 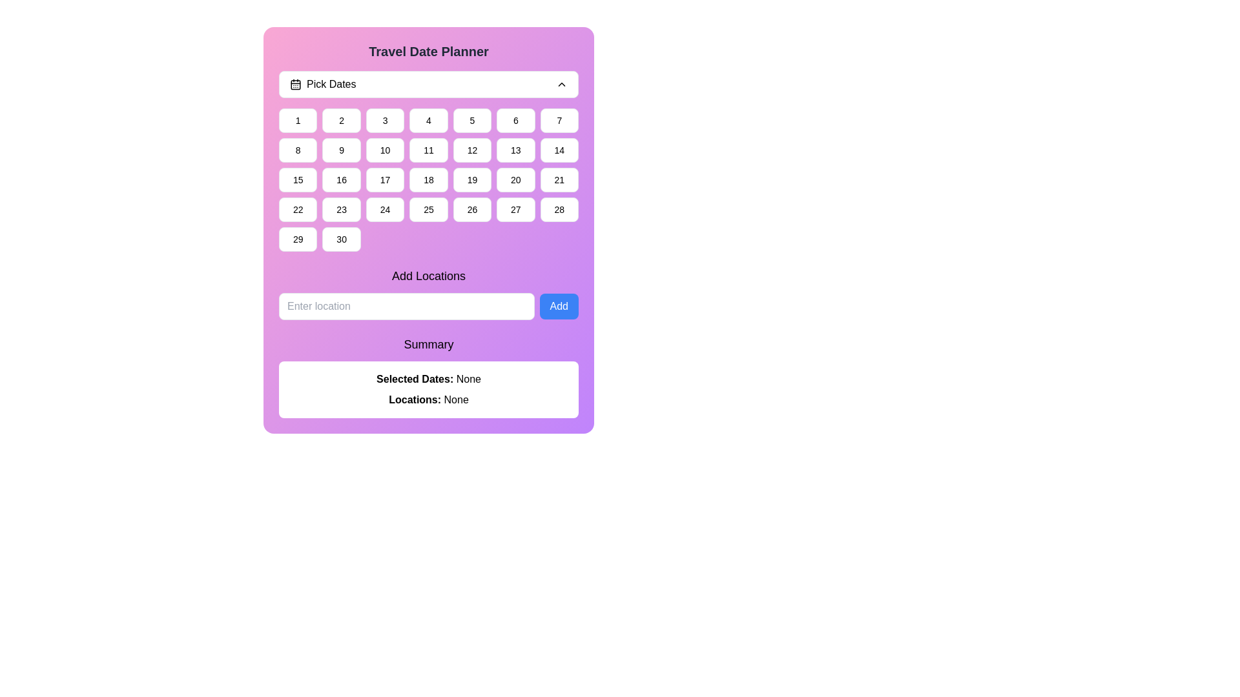 I want to click on the button representing the 30th day of the month located in the last row and second column of a grid below the 'Pick Dates' section, so click(x=341, y=239).